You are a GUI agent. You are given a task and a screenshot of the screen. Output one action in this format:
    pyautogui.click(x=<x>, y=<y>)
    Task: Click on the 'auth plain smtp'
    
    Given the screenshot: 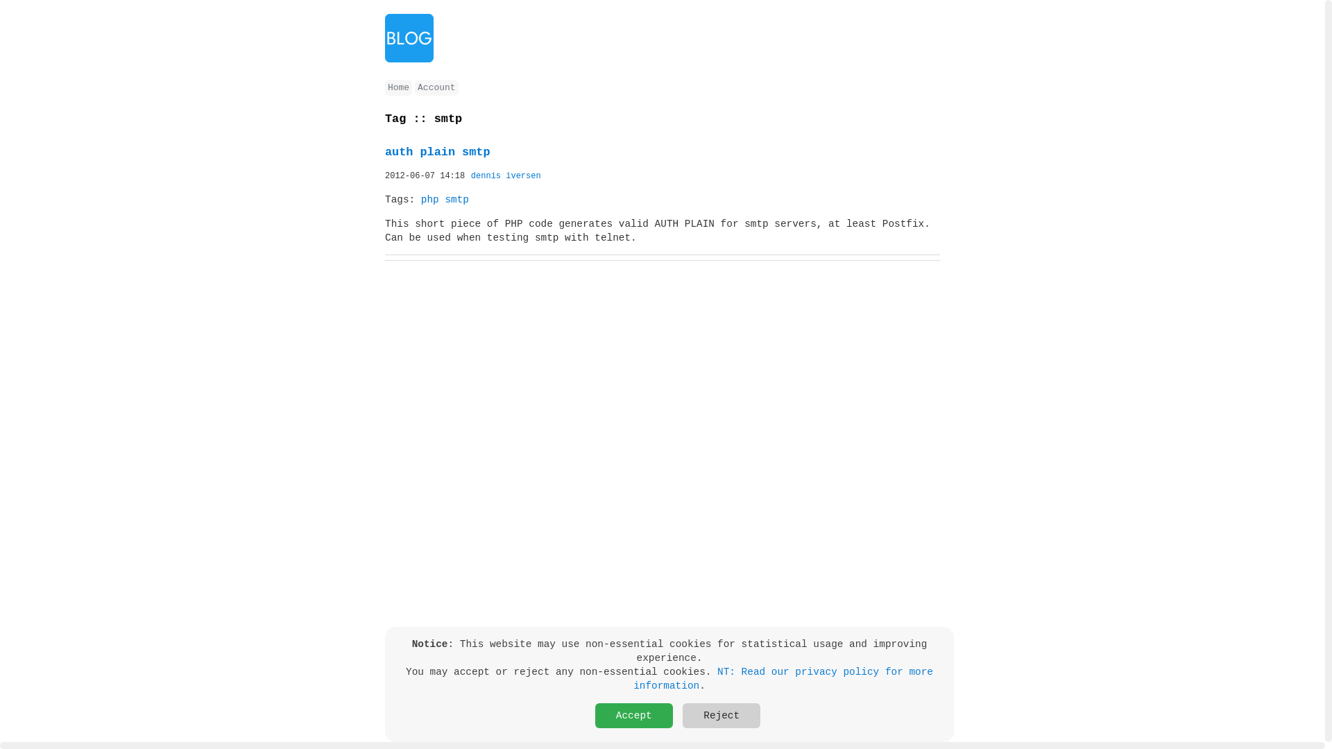 What is the action you would take?
    pyautogui.click(x=436, y=152)
    